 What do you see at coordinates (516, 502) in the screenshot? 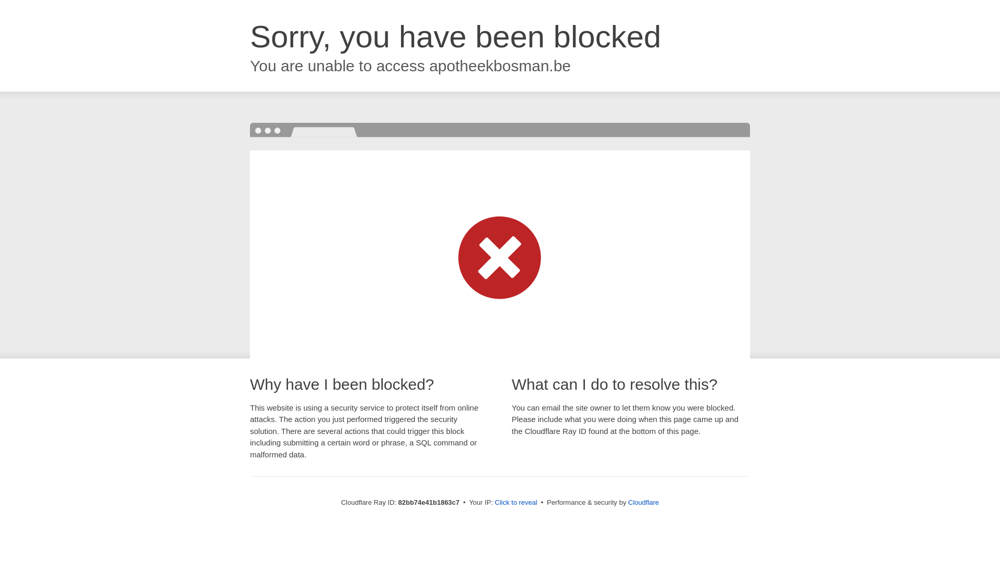
I see `'Click to reveal'` at bounding box center [516, 502].